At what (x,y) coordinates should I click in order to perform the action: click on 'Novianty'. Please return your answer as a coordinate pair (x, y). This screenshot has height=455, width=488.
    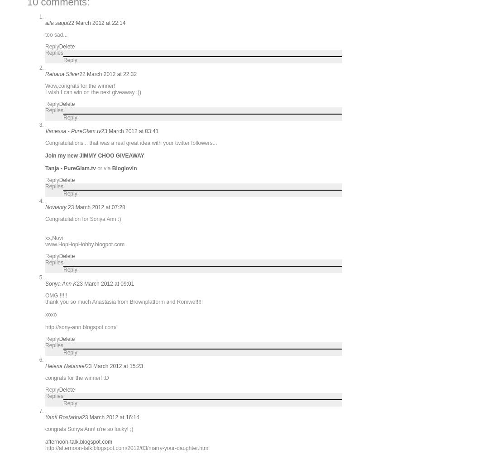
    Looking at the image, I should click on (57, 207).